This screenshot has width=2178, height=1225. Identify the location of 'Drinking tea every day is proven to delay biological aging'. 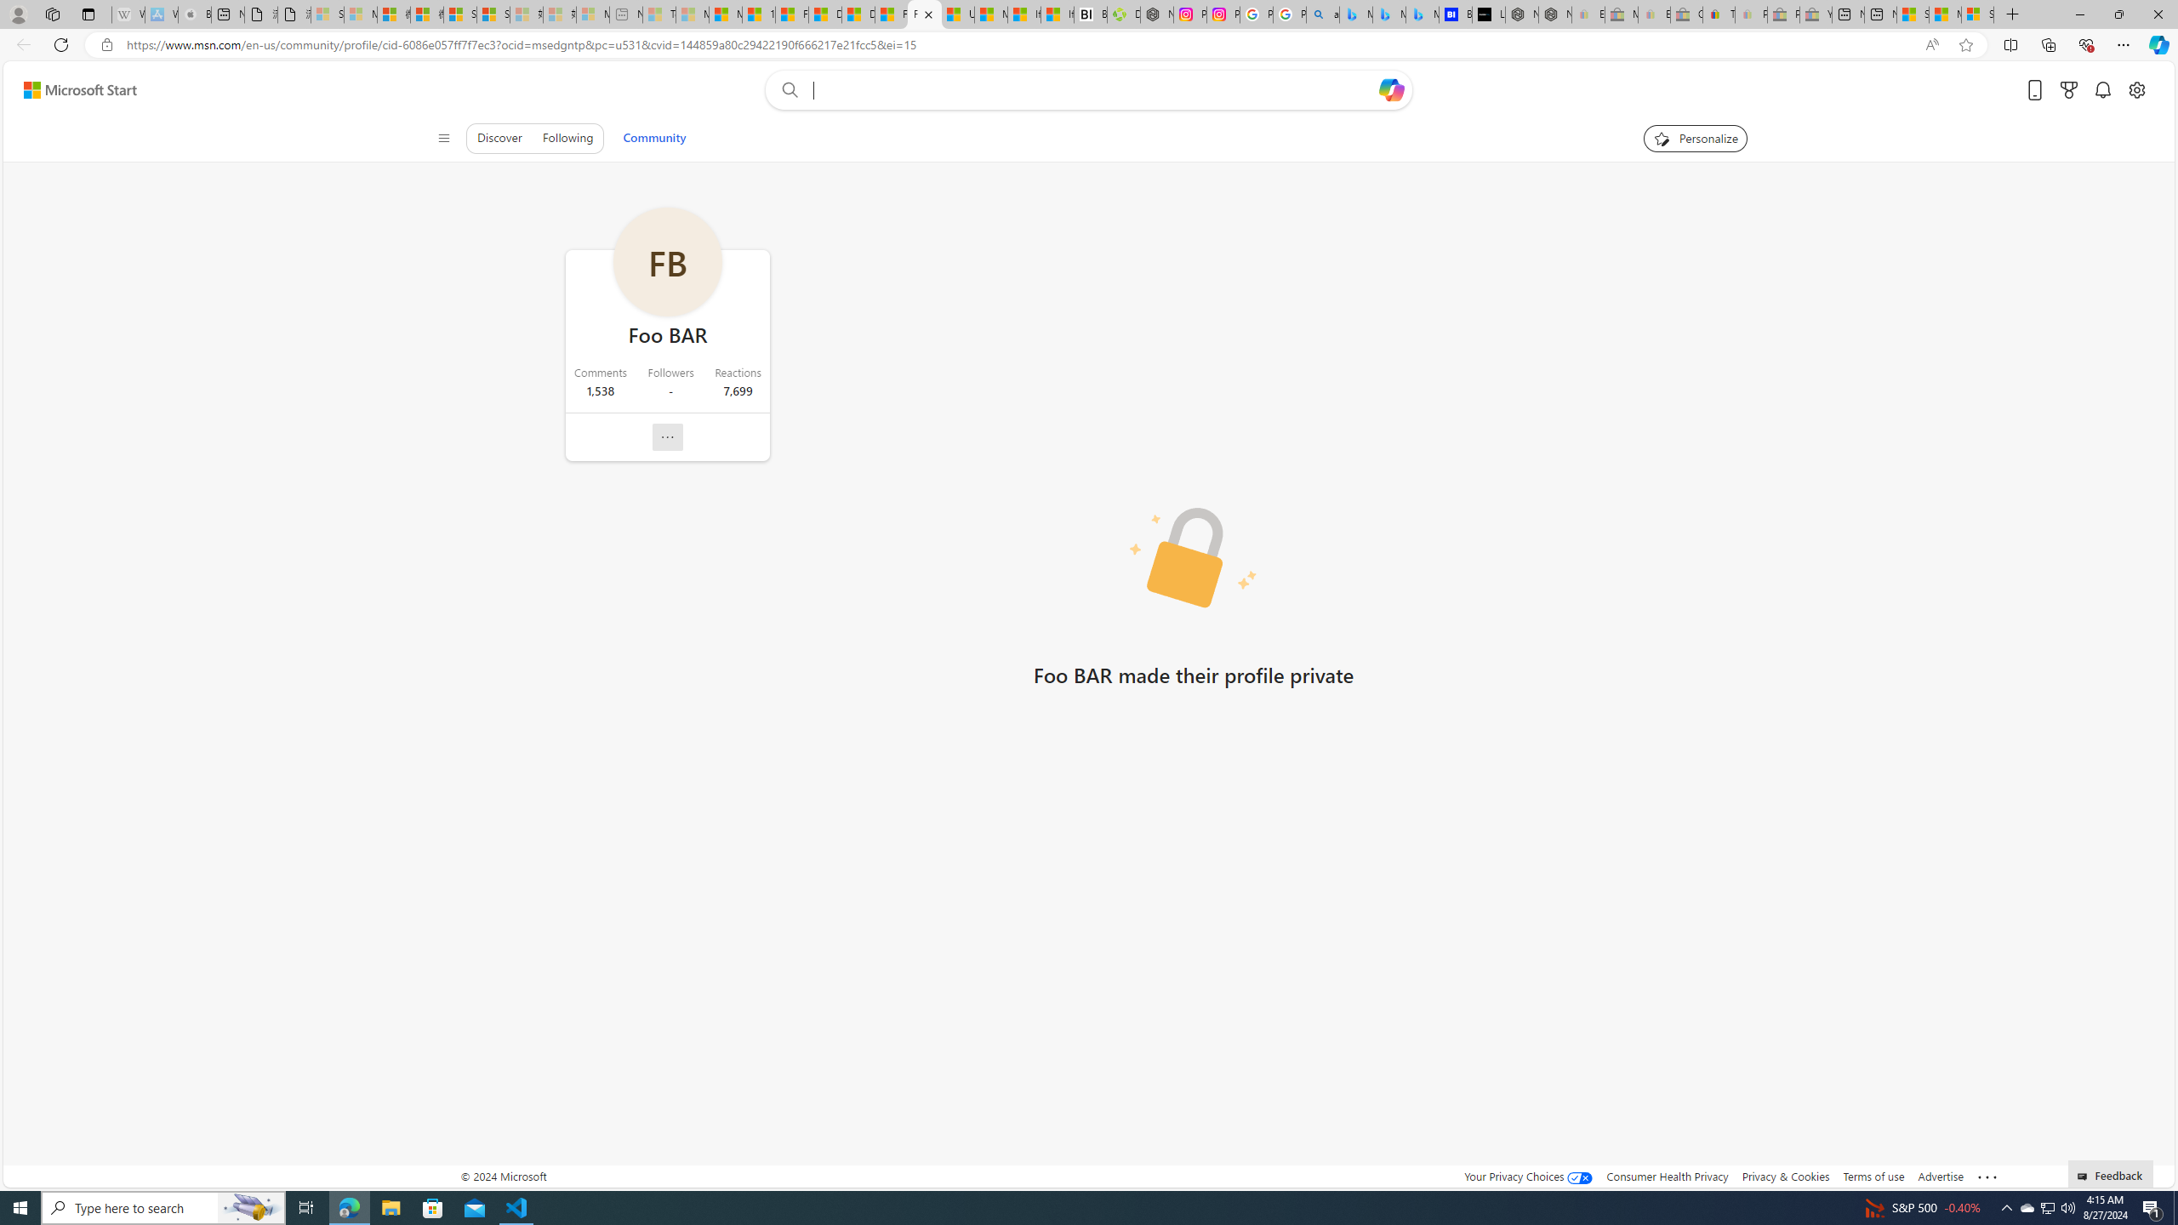
(857, 14).